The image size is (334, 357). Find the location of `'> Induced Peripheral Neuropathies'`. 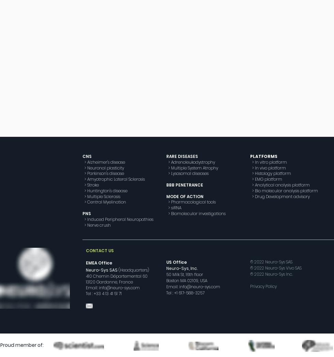

'> Induced Peripheral Neuropathies' is located at coordinates (118, 219).